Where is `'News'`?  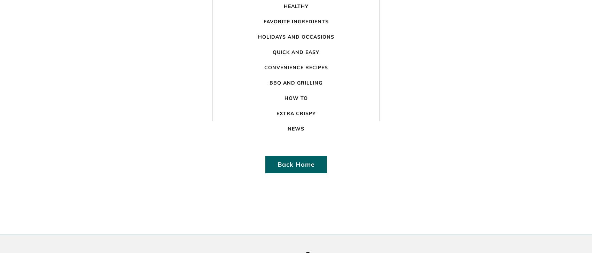
'News' is located at coordinates (296, 128).